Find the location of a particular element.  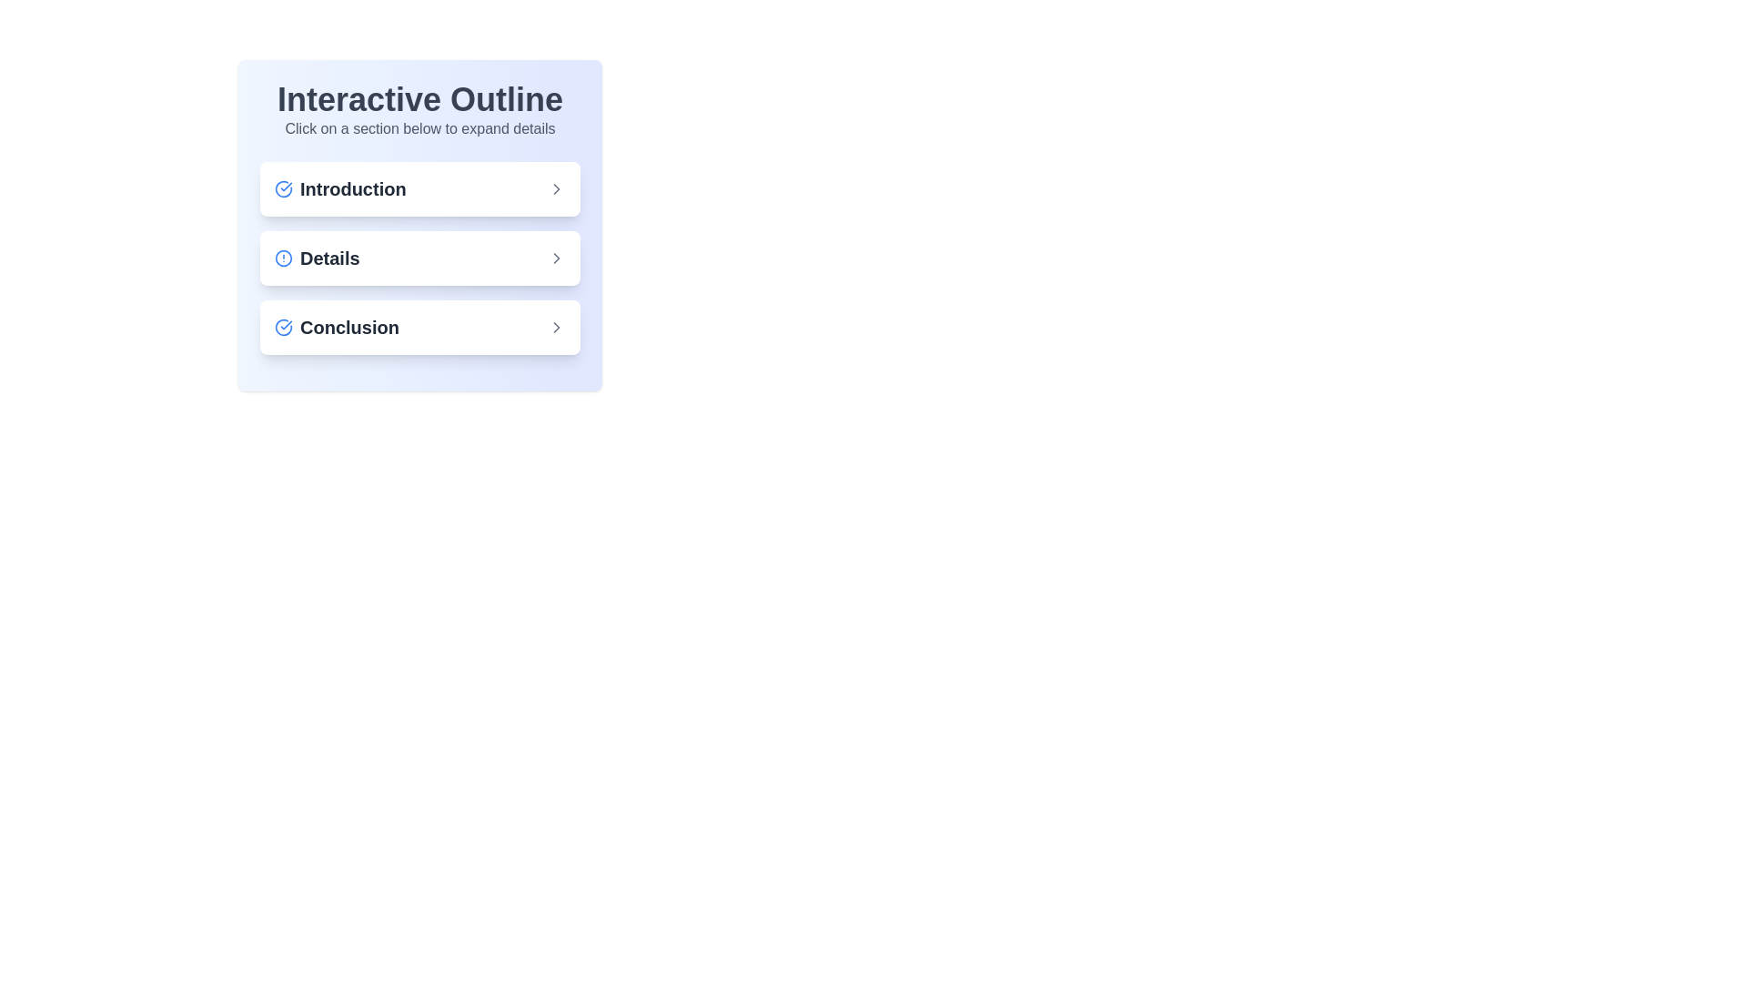

the 'Conclusion' menu item, which is the third item in the 'Interactive Outline' list is located at coordinates (337, 326).